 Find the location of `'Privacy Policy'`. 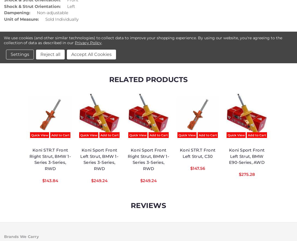

'Privacy Policy' is located at coordinates (88, 43).